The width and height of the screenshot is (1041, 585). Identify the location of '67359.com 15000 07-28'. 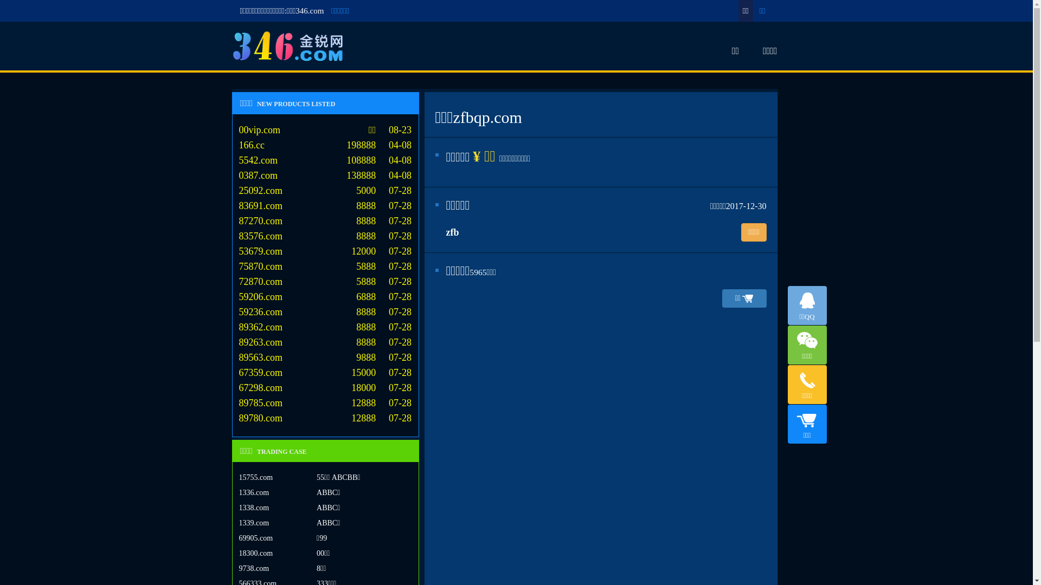
(324, 376).